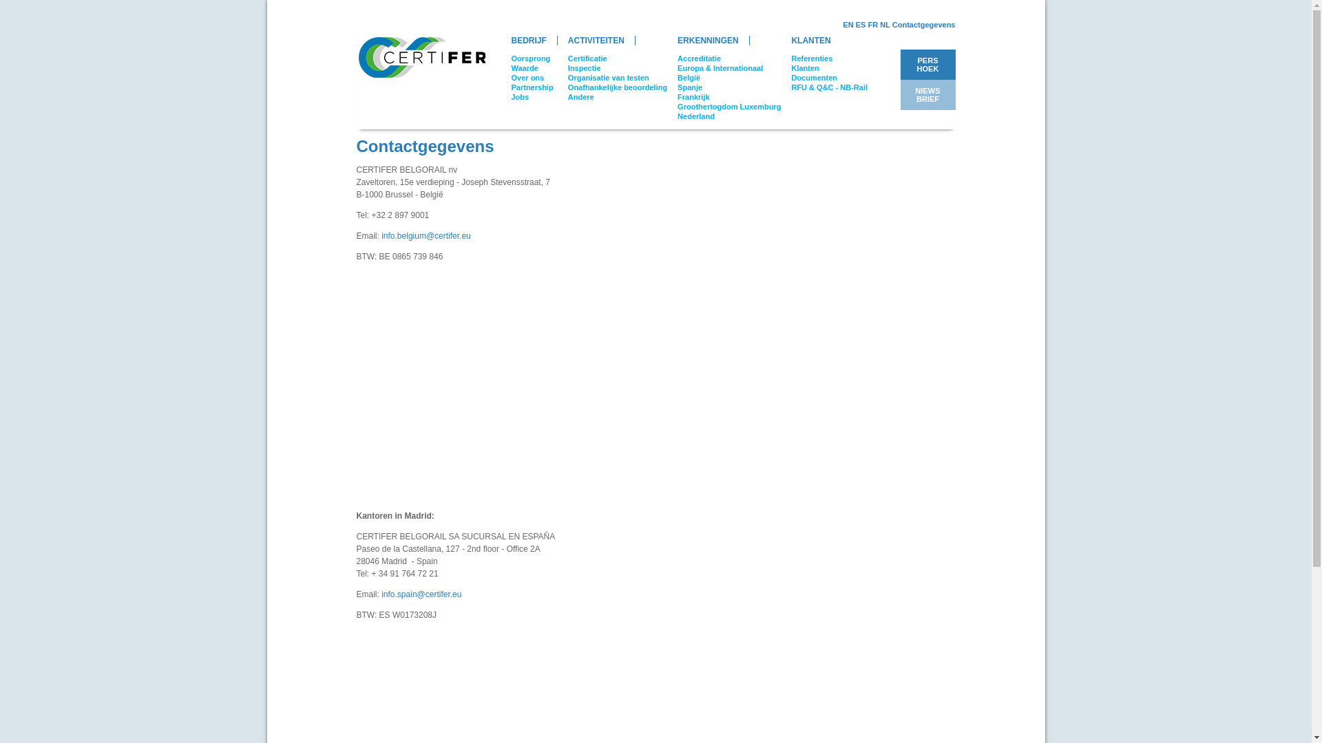 The image size is (1322, 743). I want to click on 'Frankrijk', so click(677, 96).